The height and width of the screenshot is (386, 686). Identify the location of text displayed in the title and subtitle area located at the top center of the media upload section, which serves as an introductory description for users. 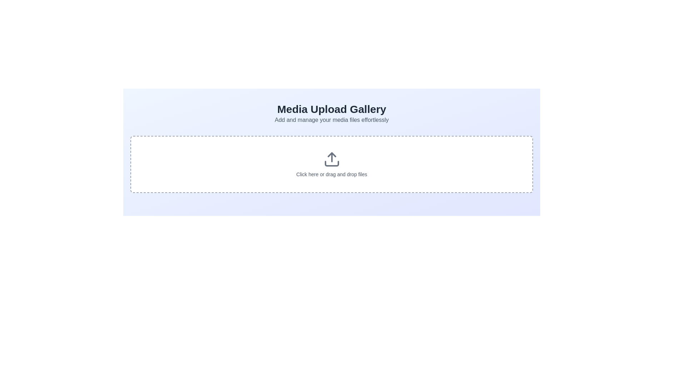
(331, 113).